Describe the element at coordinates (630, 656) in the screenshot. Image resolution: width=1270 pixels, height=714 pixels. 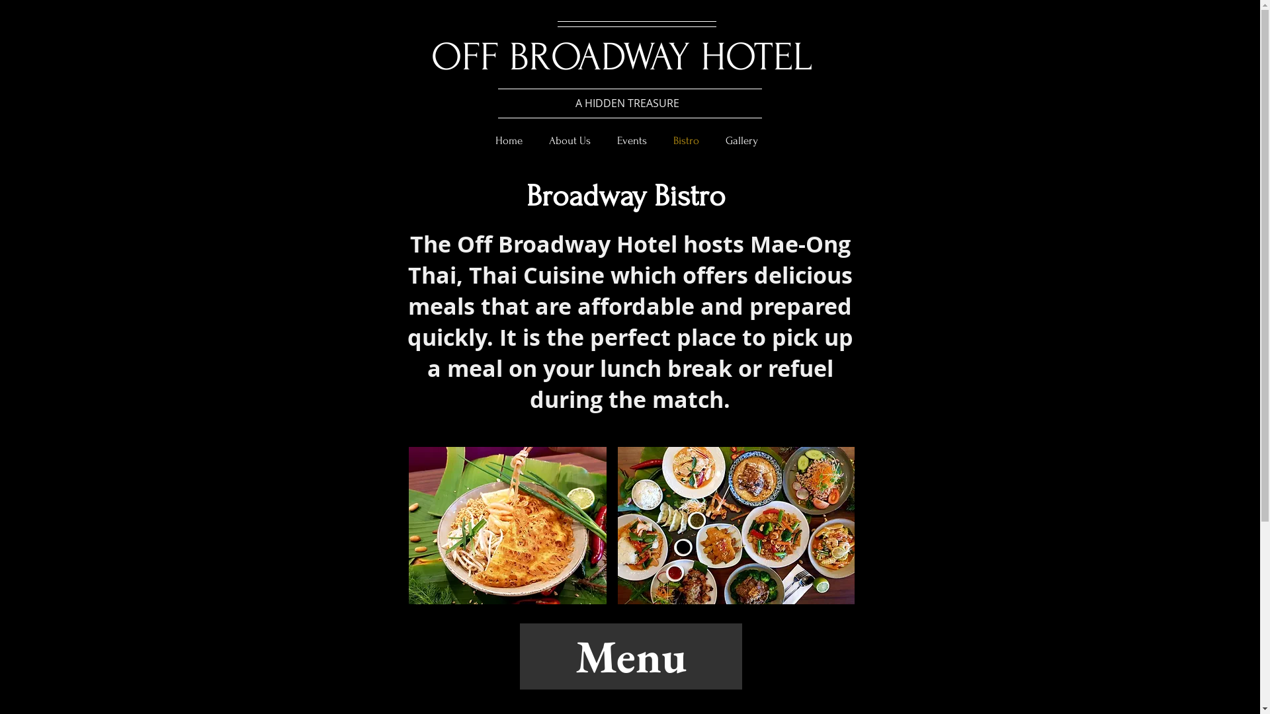
I see `'Menu'` at that location.